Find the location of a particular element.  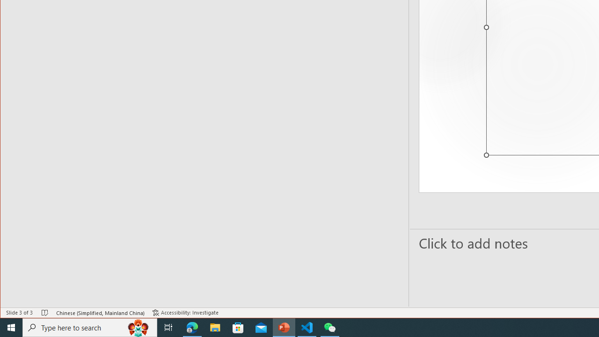

'WeChat - 1 running window' is located at coordinates (330, 327).